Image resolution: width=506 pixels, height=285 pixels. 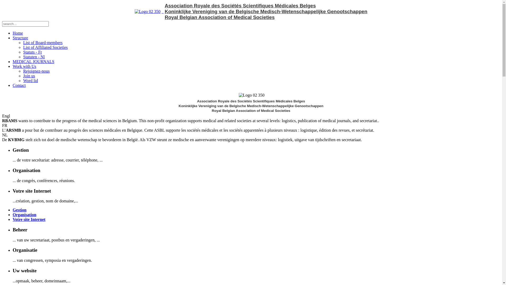 I want to click on 'Word lid', so click(x=30, y=80).